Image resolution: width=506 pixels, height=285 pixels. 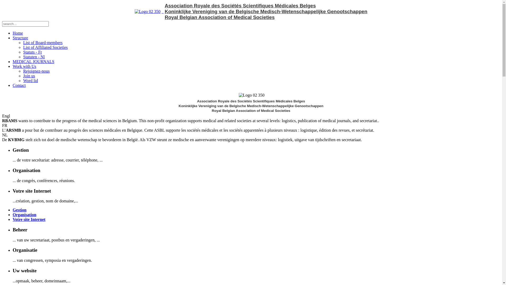 I want to click on 'Word lid', so click(x=30, y=80).